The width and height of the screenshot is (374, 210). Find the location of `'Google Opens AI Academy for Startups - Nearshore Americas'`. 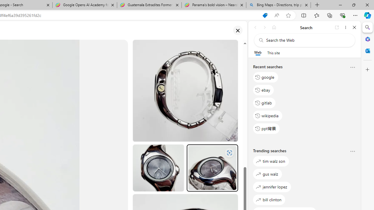

'Google Opens AI Academy for Startups - Nearshore Americas' is located at coordinates (84, 5).